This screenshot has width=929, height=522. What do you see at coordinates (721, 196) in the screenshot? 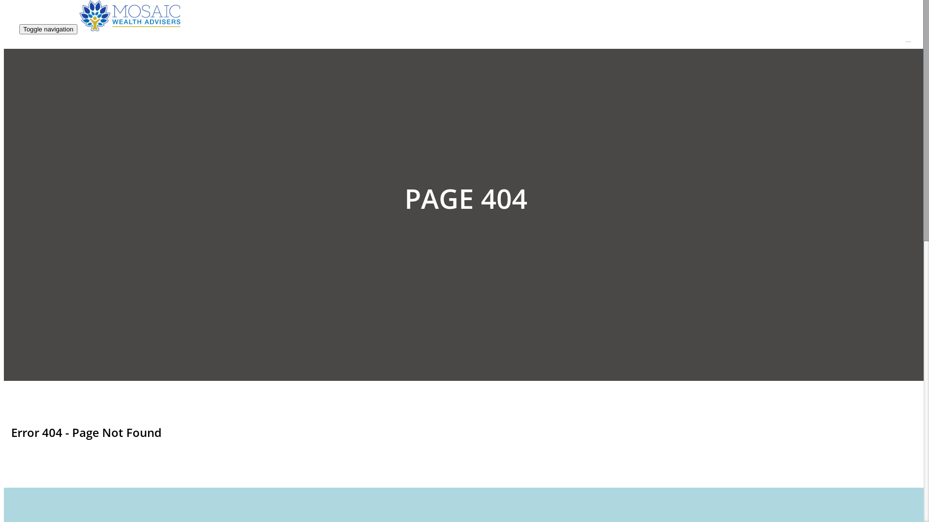
I see `'What to expect'` at bounding box center [721, 196].